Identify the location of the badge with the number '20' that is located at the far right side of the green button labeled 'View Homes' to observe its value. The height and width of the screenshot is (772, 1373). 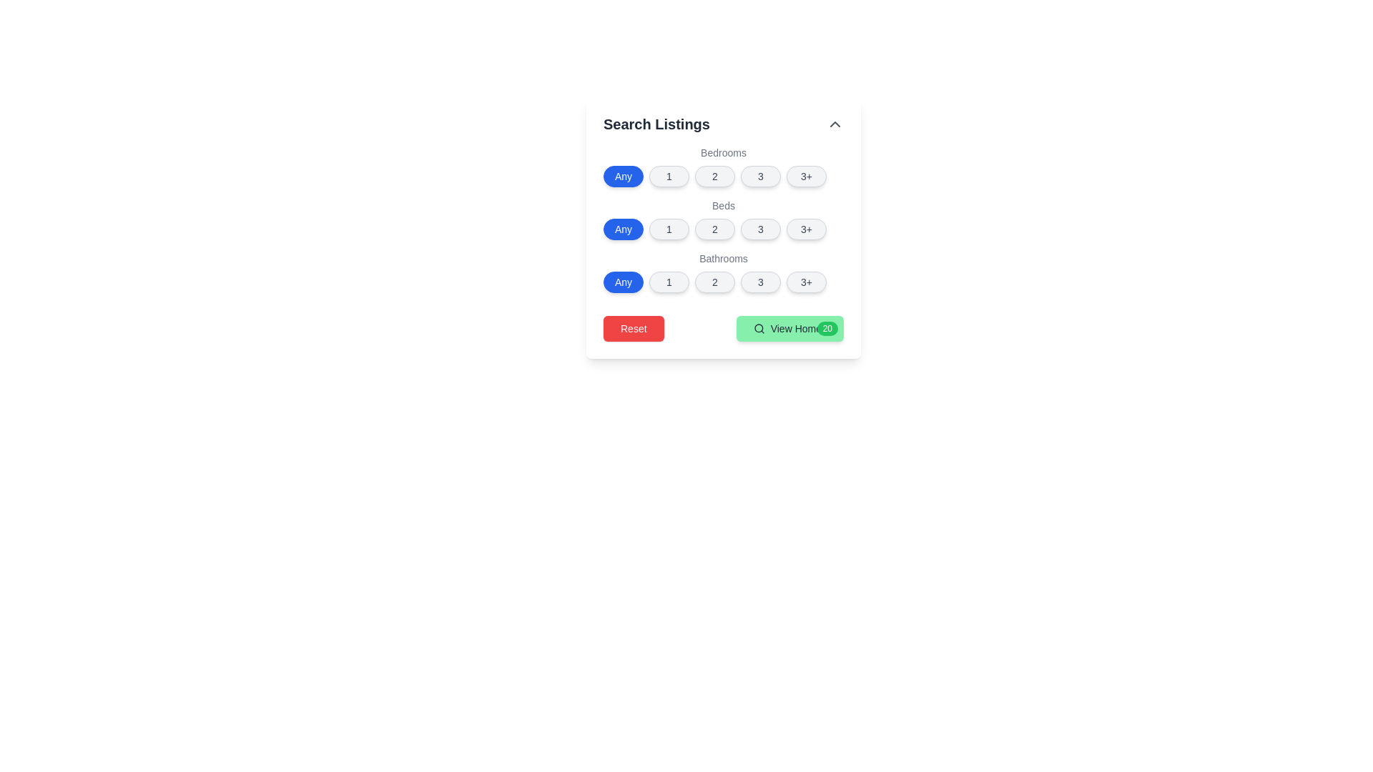
(827, 328).